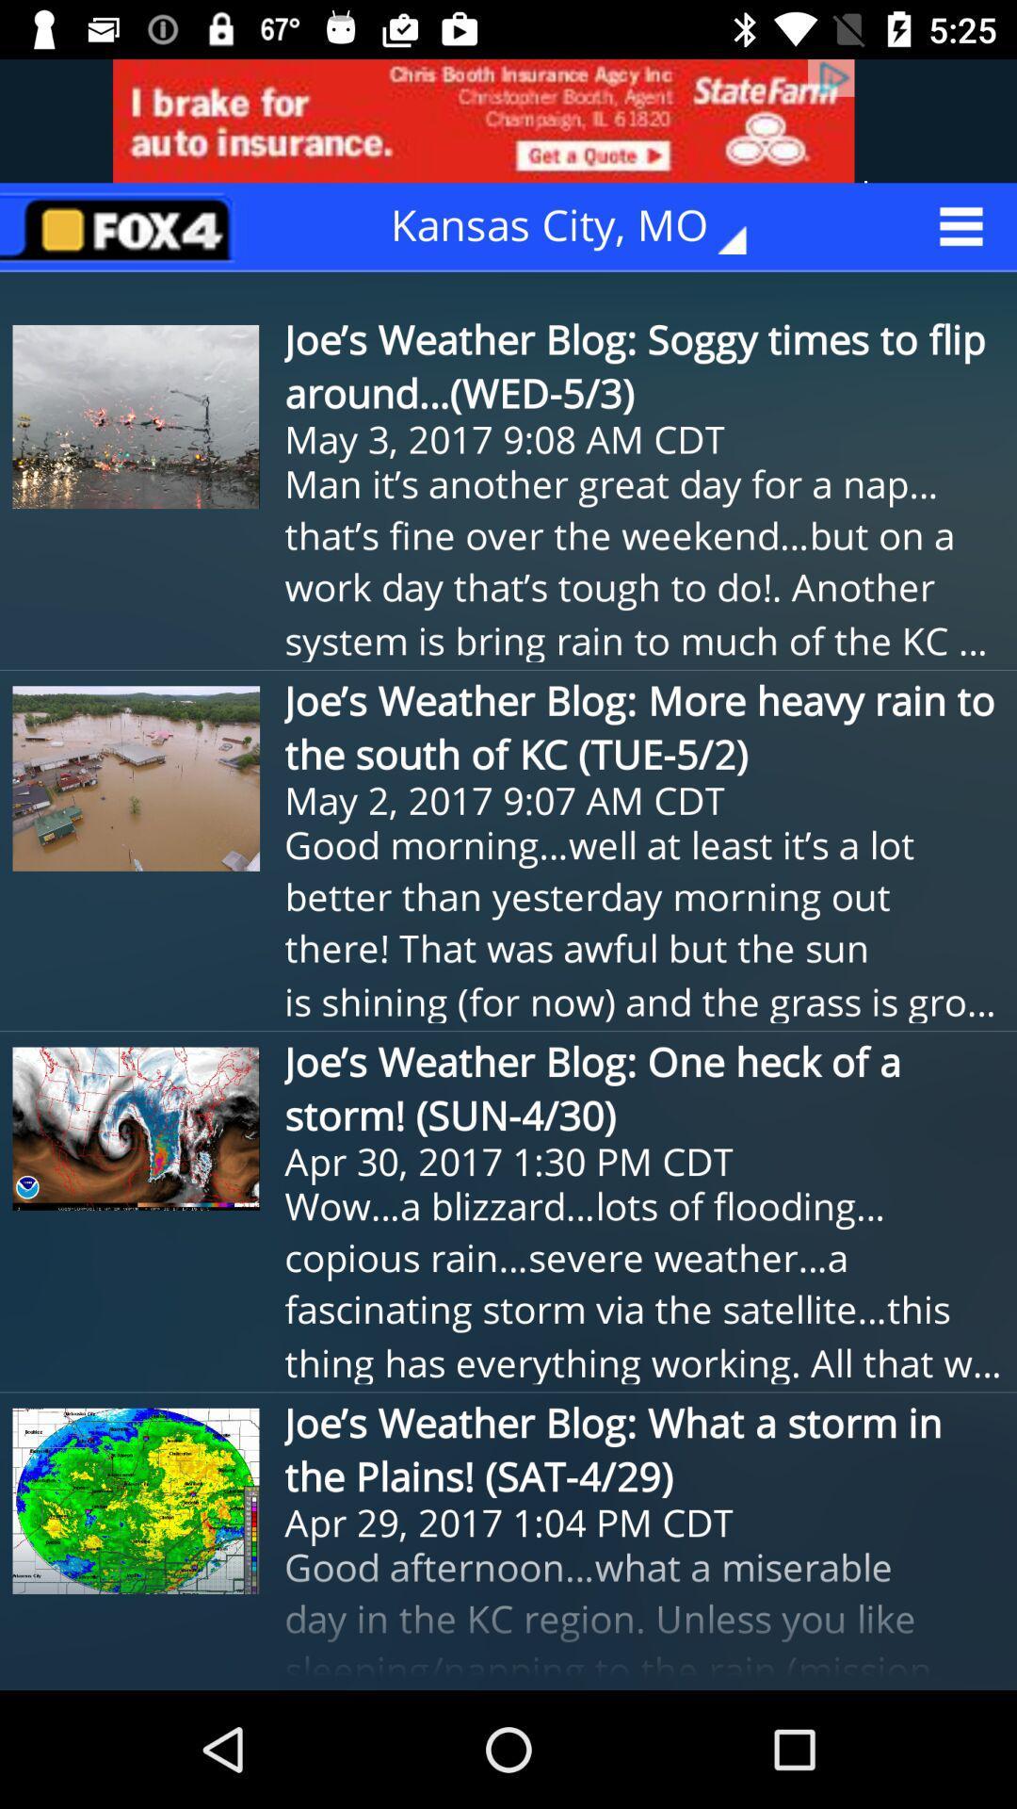 This screenshot has height=1809, width=1017. I want to click on the kansas city, mo item, so click(581, 226).